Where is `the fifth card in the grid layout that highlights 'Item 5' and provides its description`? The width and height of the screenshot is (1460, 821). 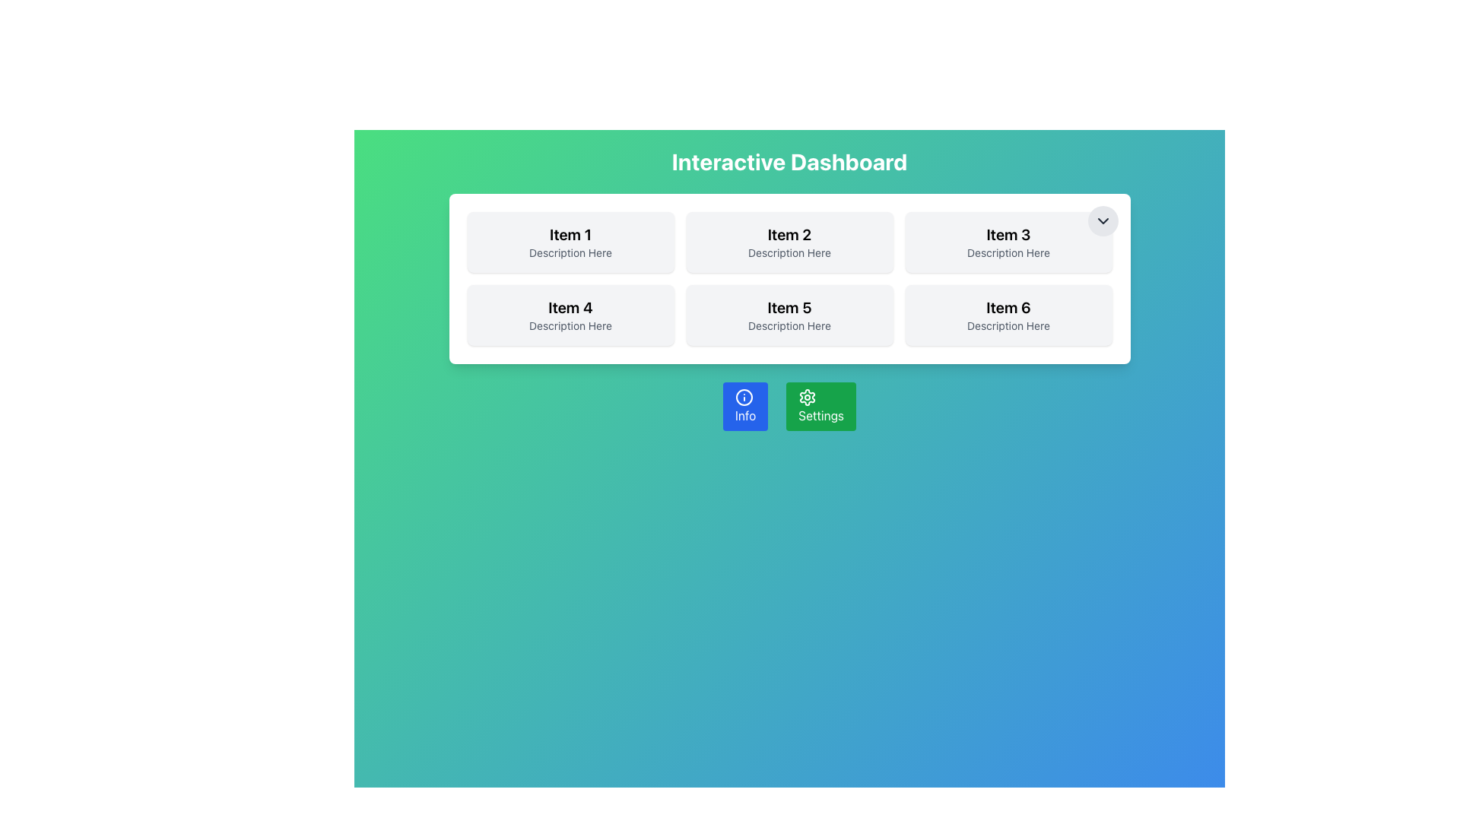
the fifth card in the grid layout that highlights 'Item 5' and provides its description is located at coordinates (789, 315).